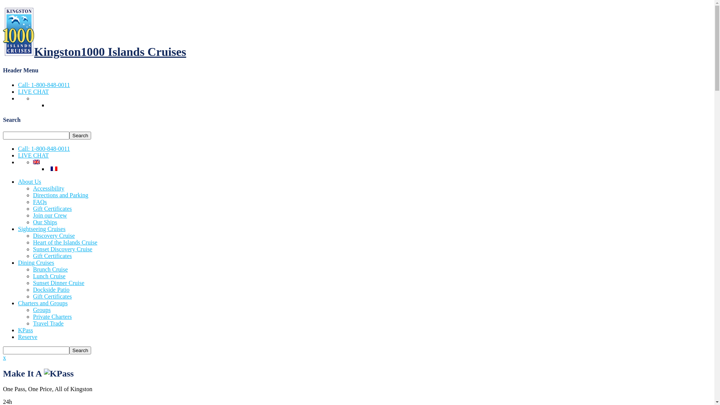  What do you see at coordinates (63, 249) in the screenshot?
I see `'Sunset Discovery Cruise'` at bounding box center [63, 249].